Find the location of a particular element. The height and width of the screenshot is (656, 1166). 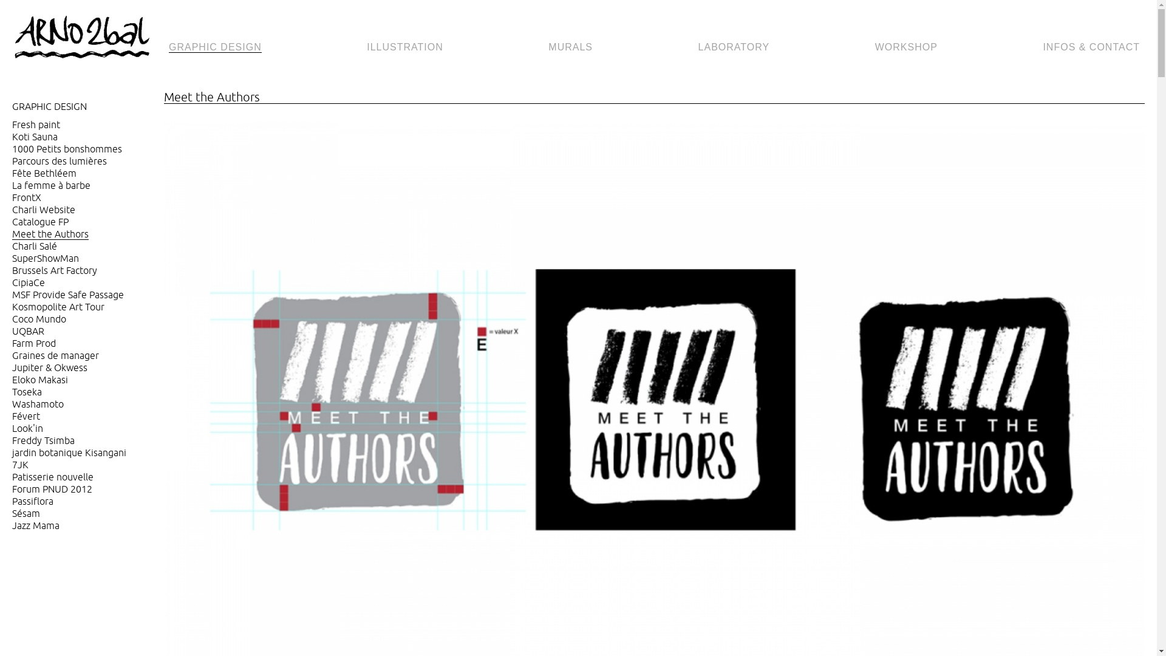

'Eloko Makasi' is located at coordinates (40, 379).